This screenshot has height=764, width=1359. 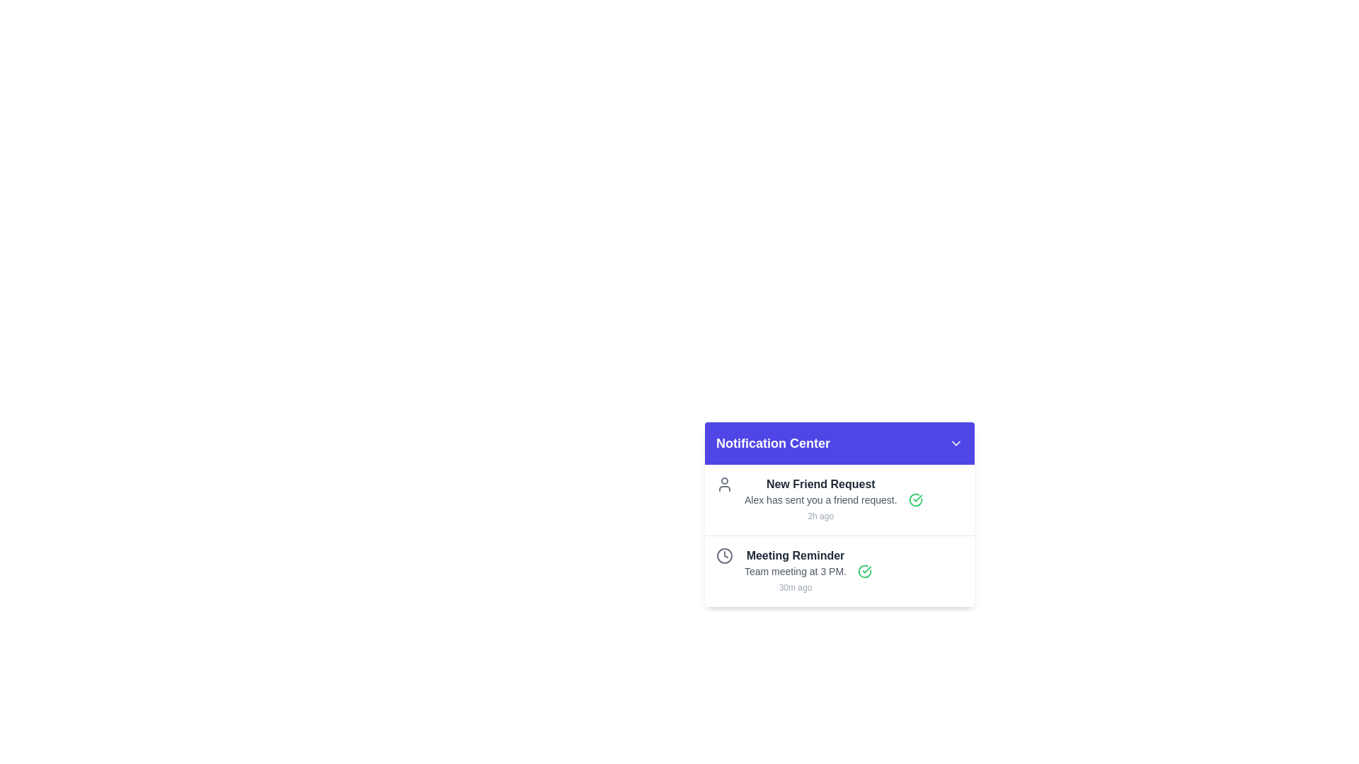 I want to click on the 'Meeting Reminder' text label, which displays in bold, dark-gray font against a white background, located in the Notification Center panel, so click(x=795, y=555).